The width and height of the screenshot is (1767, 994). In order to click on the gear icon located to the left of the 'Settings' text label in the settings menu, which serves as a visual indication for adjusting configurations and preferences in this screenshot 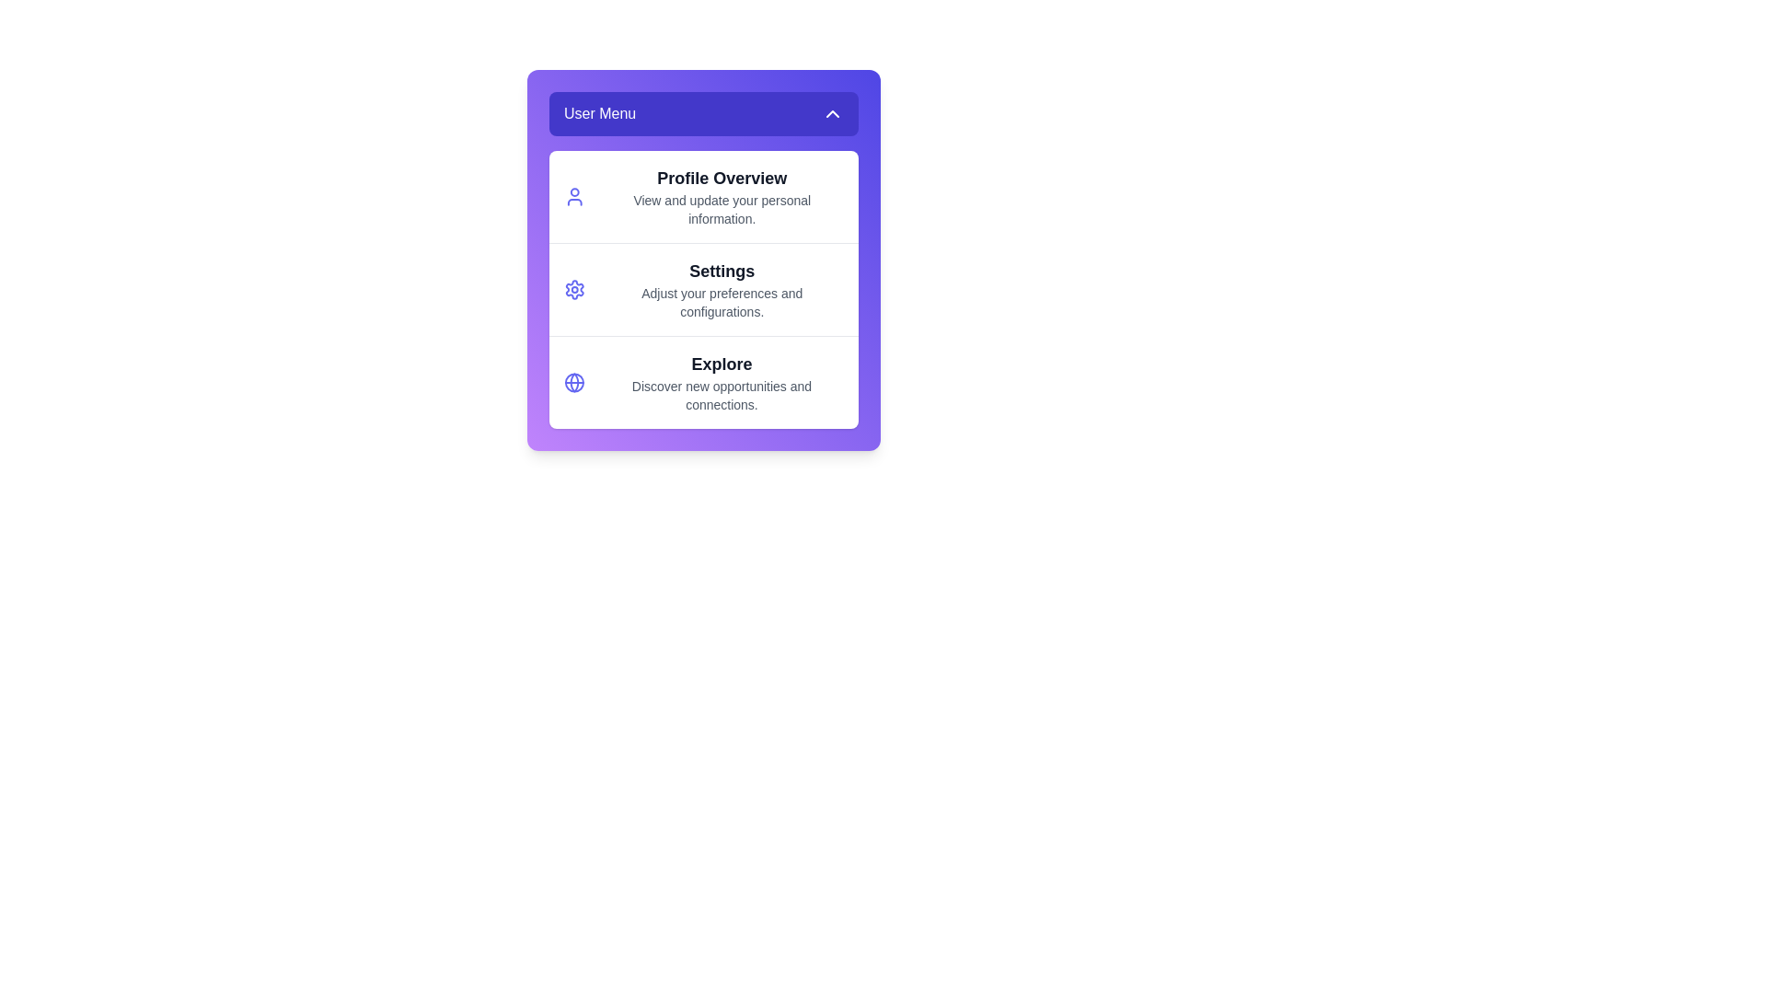, I will do `click(573, 290)`.